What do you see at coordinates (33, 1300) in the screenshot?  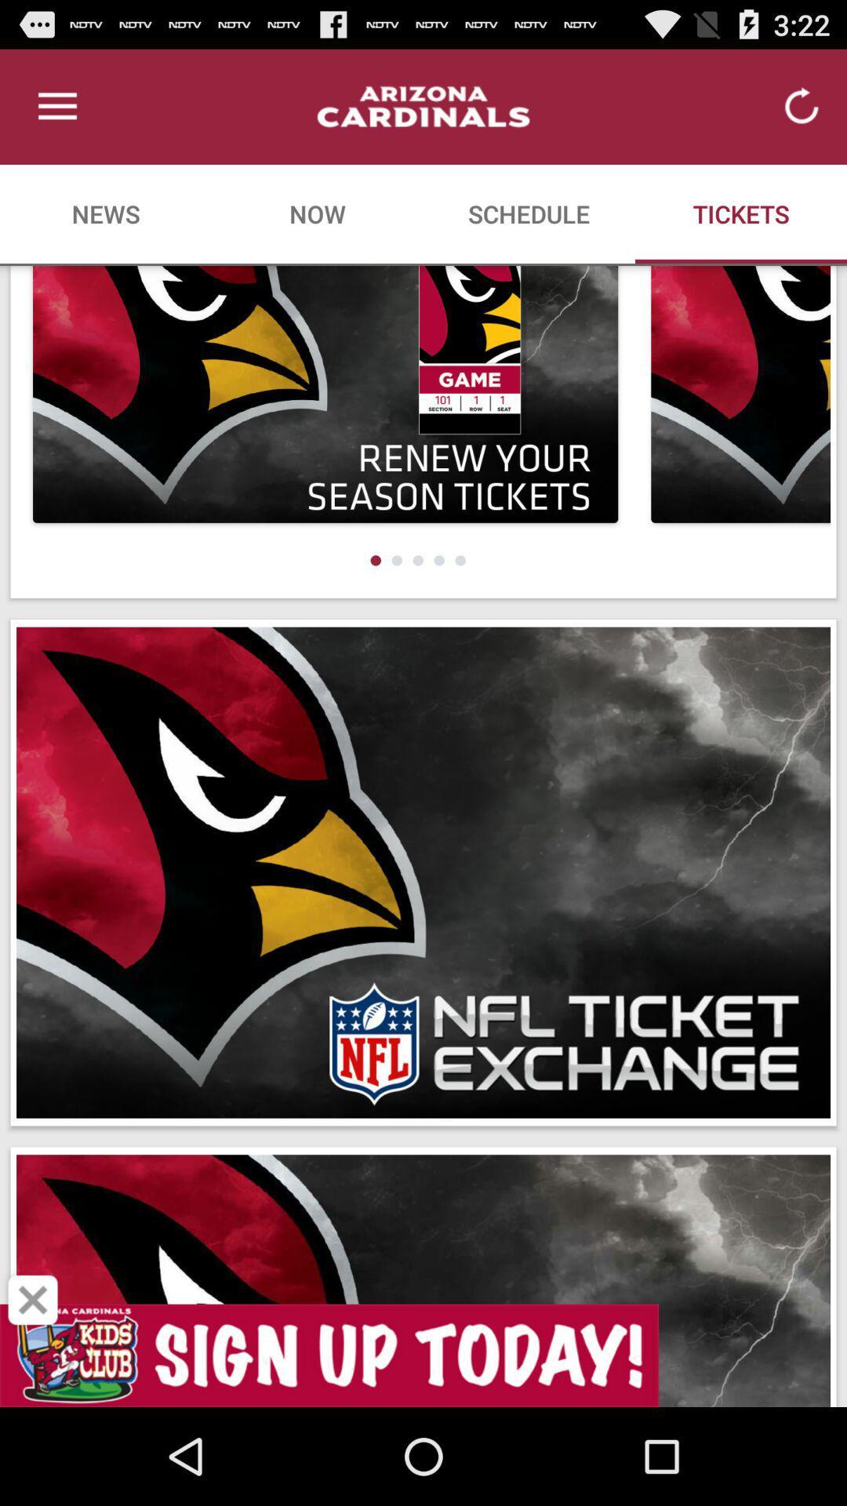 I see `pop up advertisement option` at bounding box center [33, 1300].